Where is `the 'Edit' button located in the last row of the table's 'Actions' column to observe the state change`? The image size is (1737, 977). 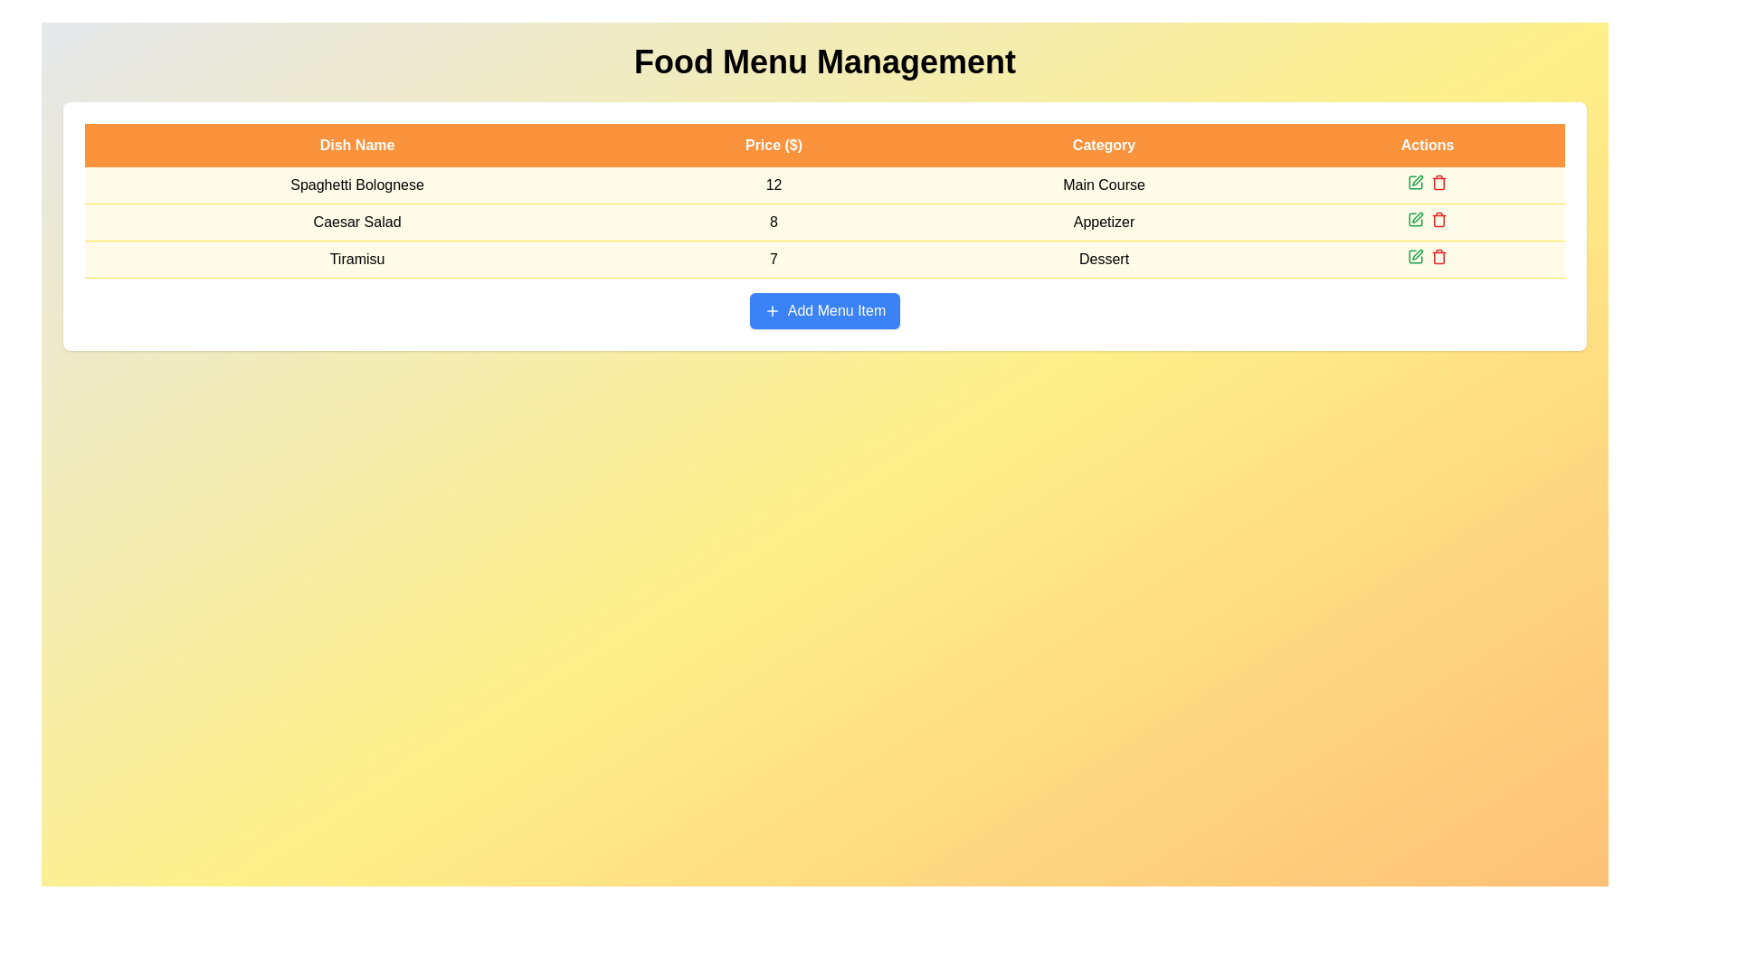 the 'Edit' button located in the last row of the table's 'Actions' column to observe the state change is located at coordinates (1414, 257).